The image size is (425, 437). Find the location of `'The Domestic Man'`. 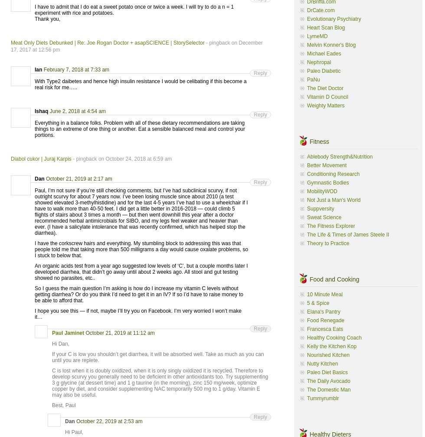

'The Domestic Man' is located at coordinates (329, 389).